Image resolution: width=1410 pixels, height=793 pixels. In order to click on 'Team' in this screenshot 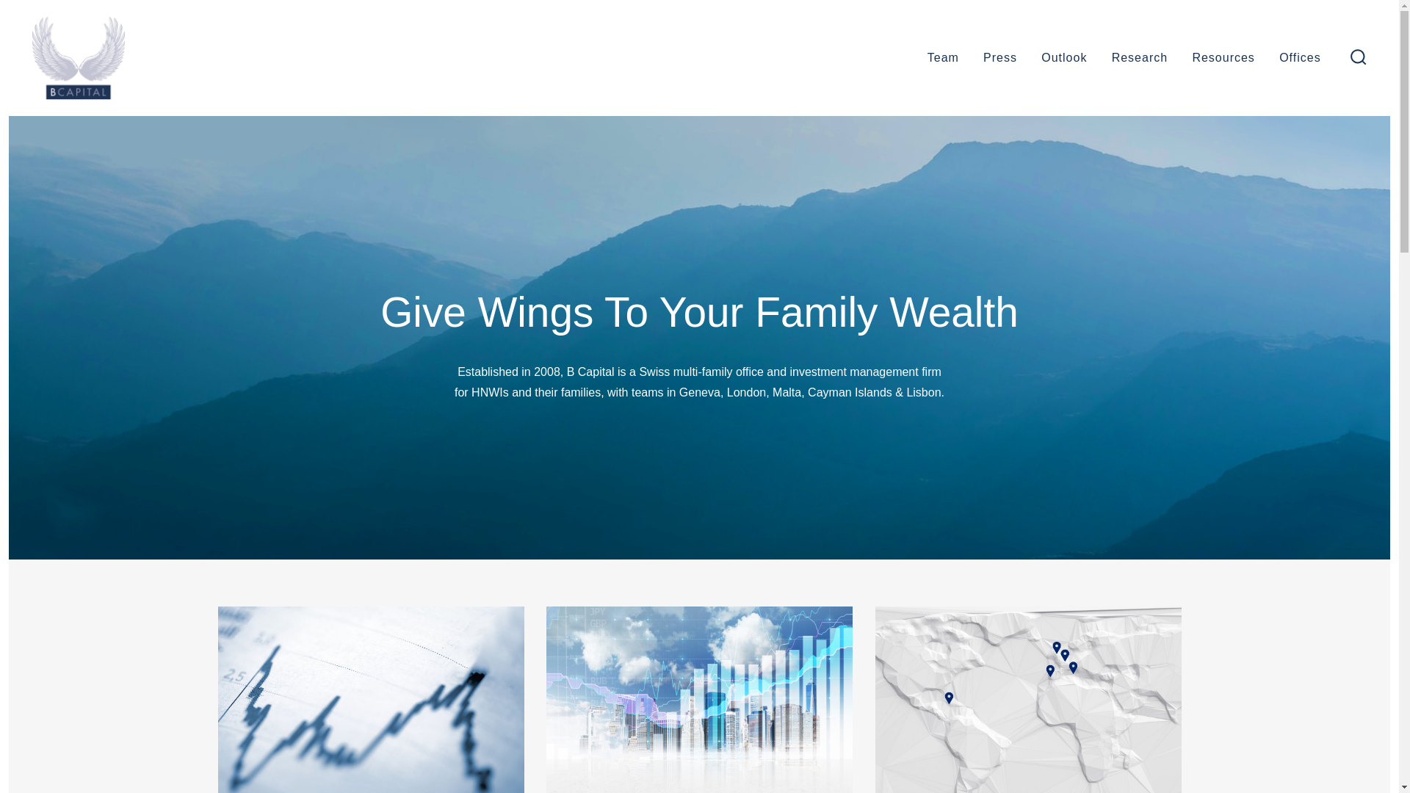, I will do `click(943, 57)`.